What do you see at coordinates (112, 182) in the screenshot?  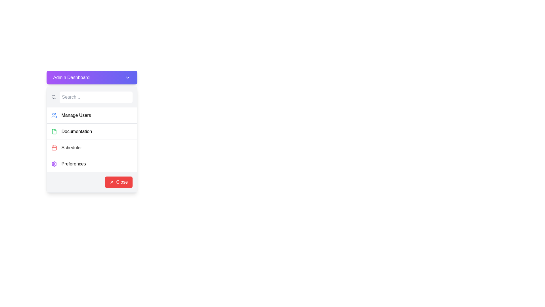 I see `the close icon represented by a minimal 'X' shape inside a red rounded rectangular button labeled 'Close' at the bottom right corner of the popup menu` at bounding box center [112, 182].